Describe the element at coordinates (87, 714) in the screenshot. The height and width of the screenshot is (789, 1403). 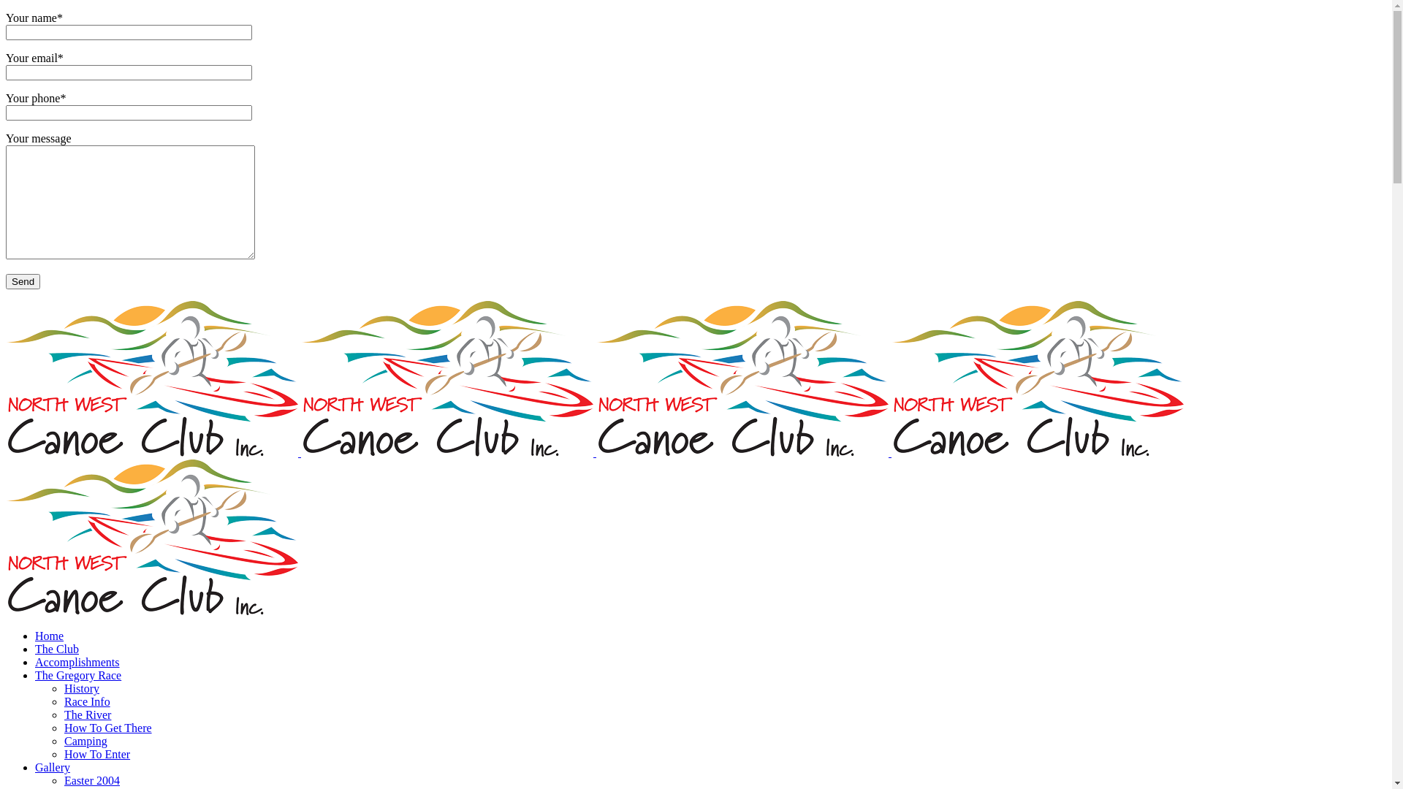
I see `'The River'` at that location.